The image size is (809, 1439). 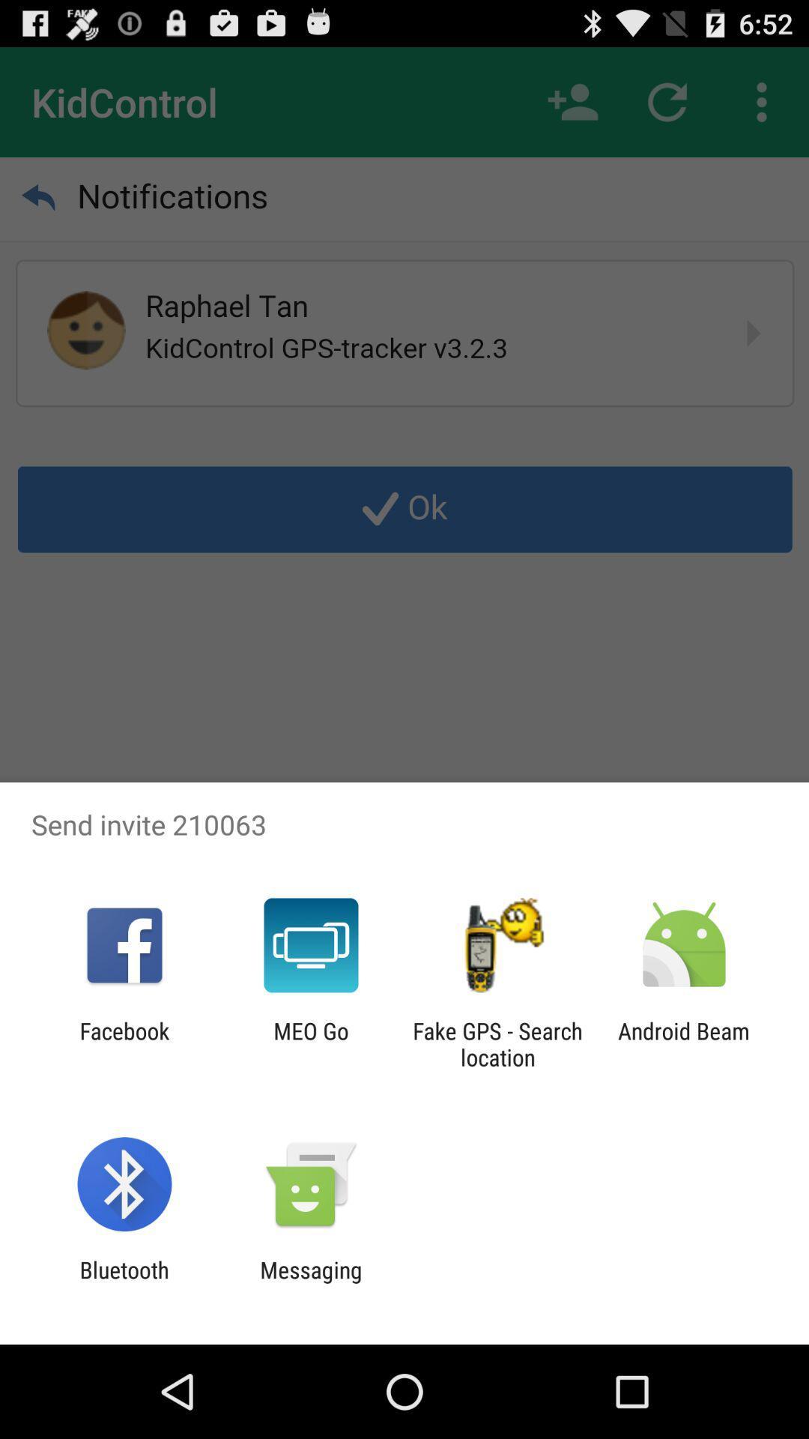 What do you see at coordinates (497, 1043) in the screenshot?
I see `fake gps search item` at bounding box center [497, 1043].